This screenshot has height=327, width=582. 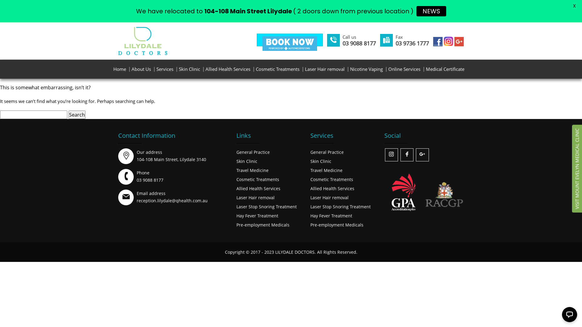 I want to click on 'Email address, so click(x=136, y=197).